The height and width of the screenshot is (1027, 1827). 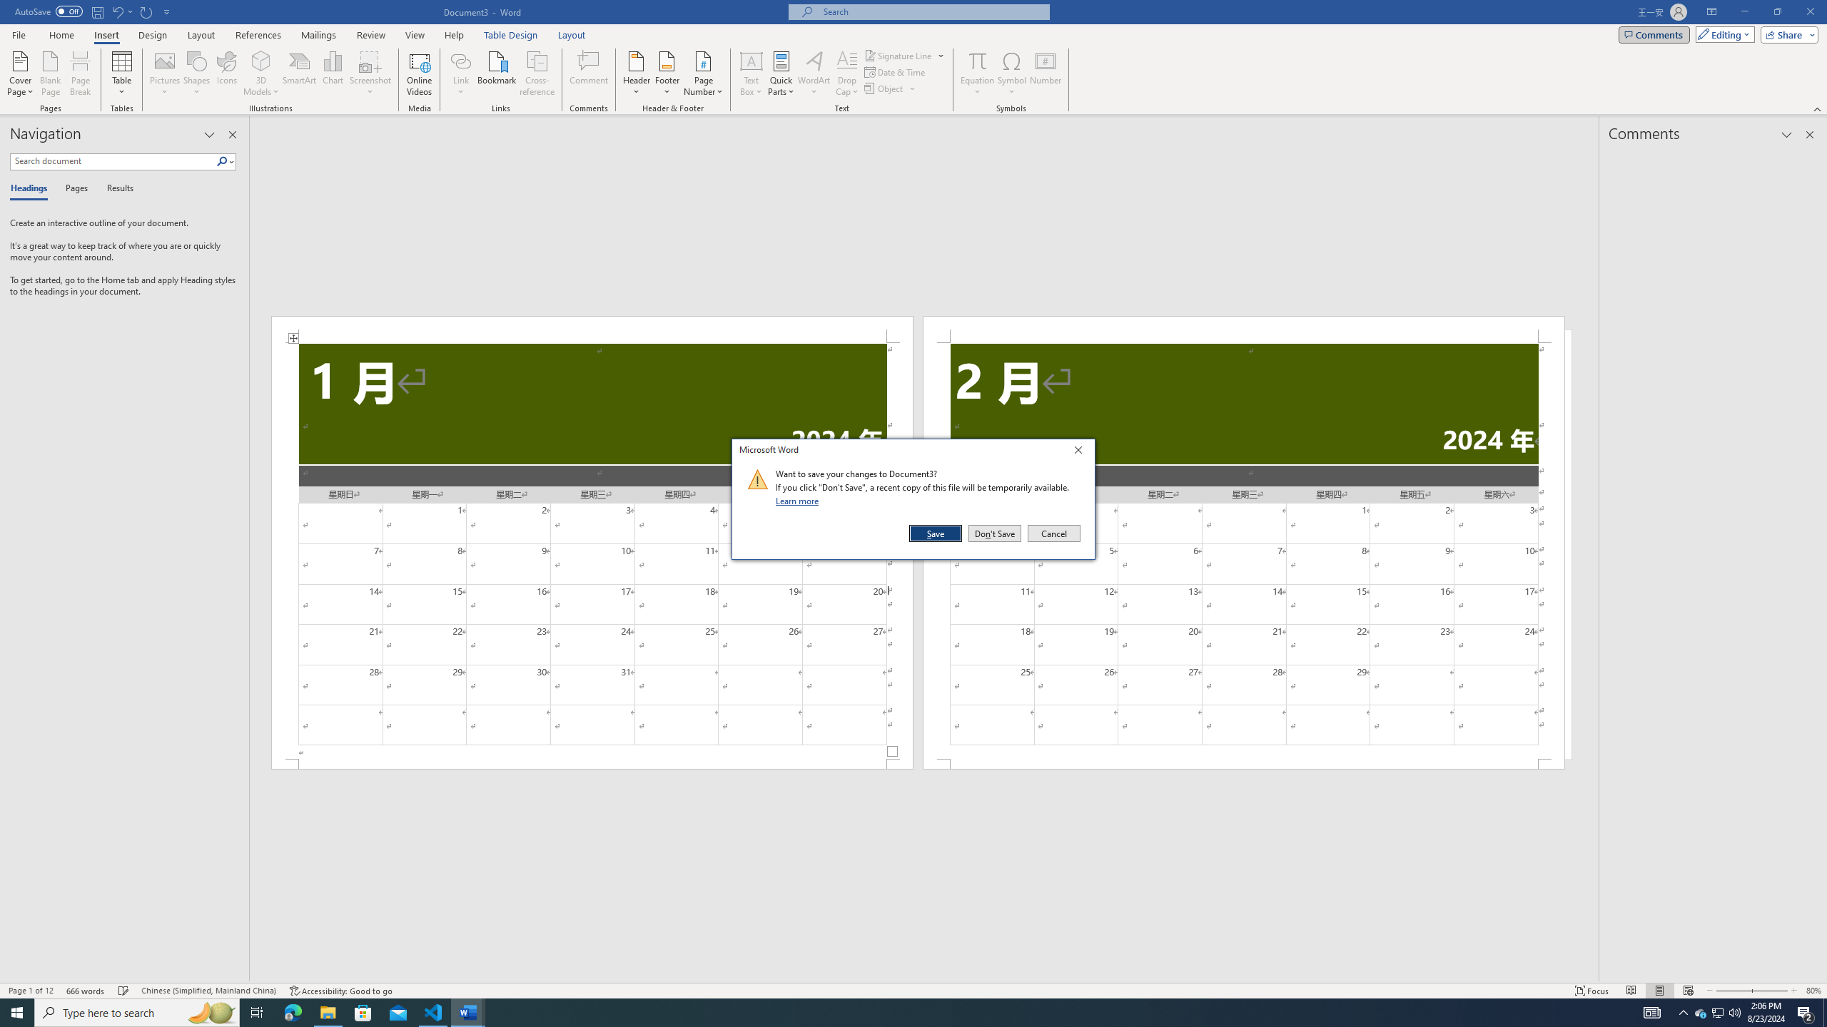 I want to click on 'Q2790: 100%', so click(x=1734, y=1011).